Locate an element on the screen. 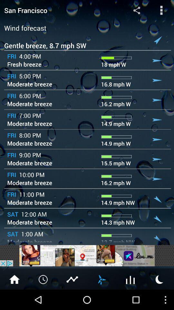 This screenshot has height=310, width=174. go home is located at coordinates (14, 279).